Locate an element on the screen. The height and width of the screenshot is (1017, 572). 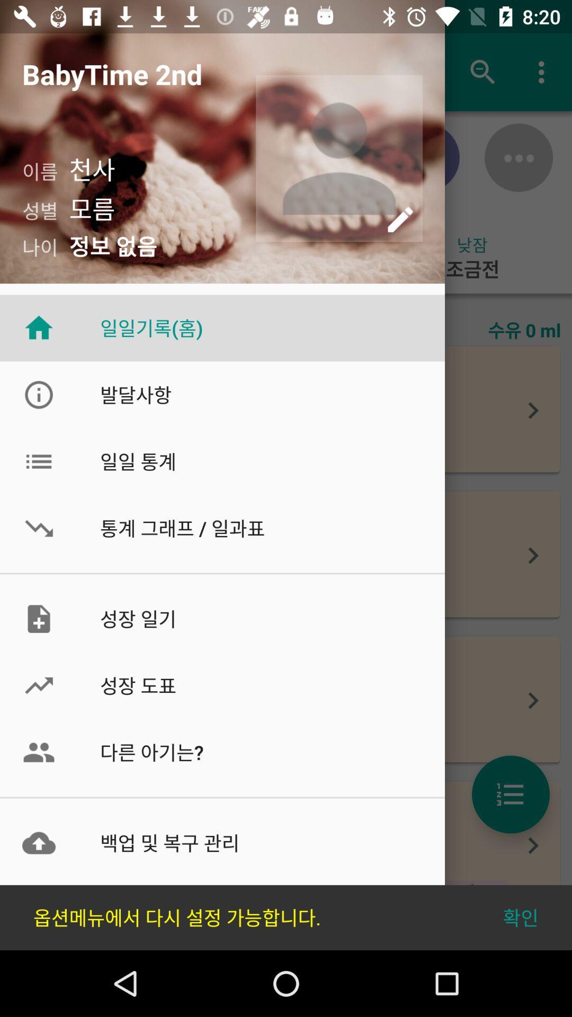
the list icon is located at coordinates (510, 794).